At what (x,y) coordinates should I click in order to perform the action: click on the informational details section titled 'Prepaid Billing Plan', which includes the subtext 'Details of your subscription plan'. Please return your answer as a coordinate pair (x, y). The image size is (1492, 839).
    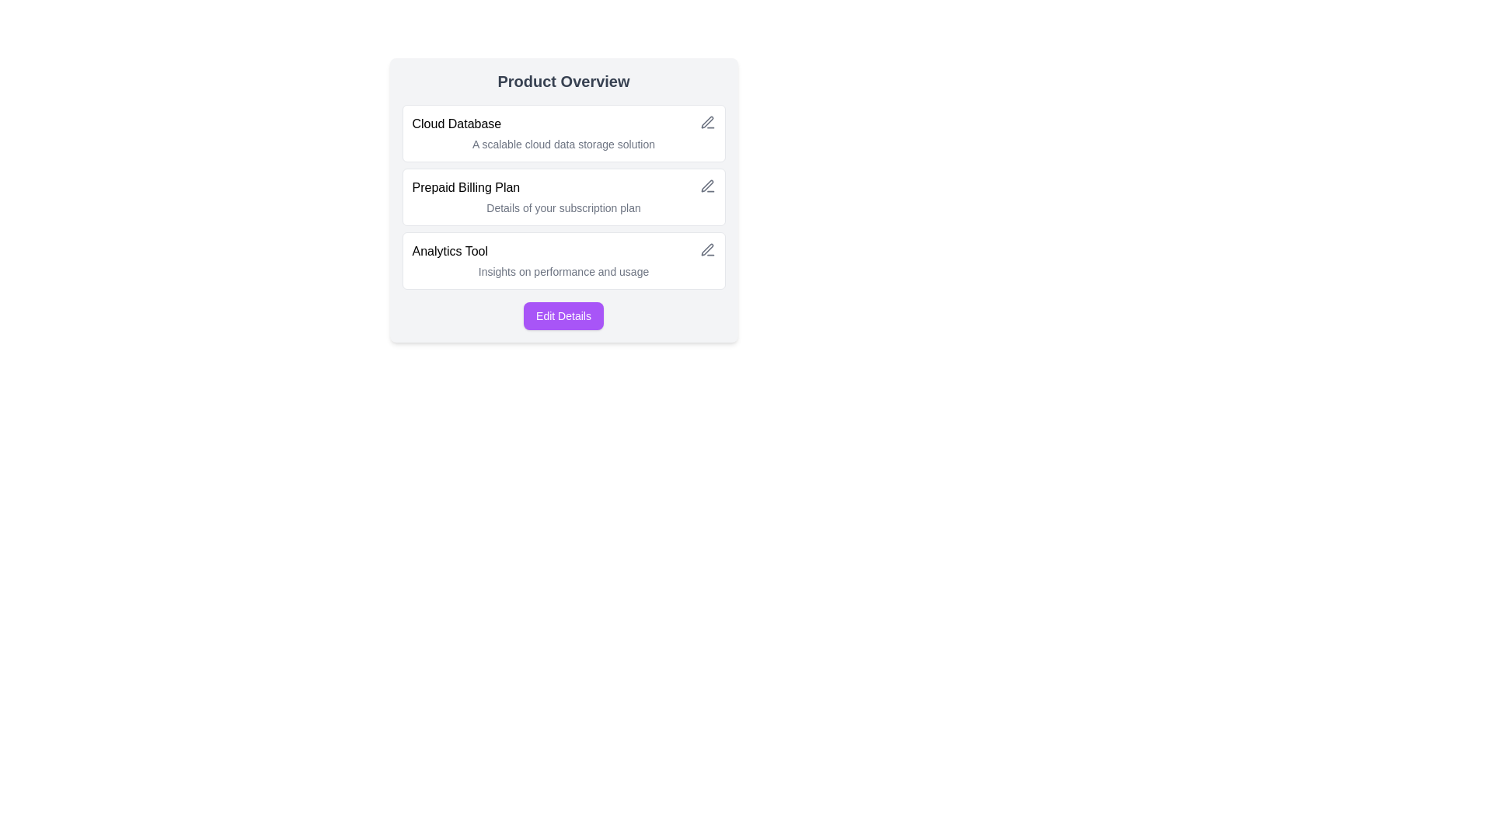
    Looking at the image, I should click on (563, 200).